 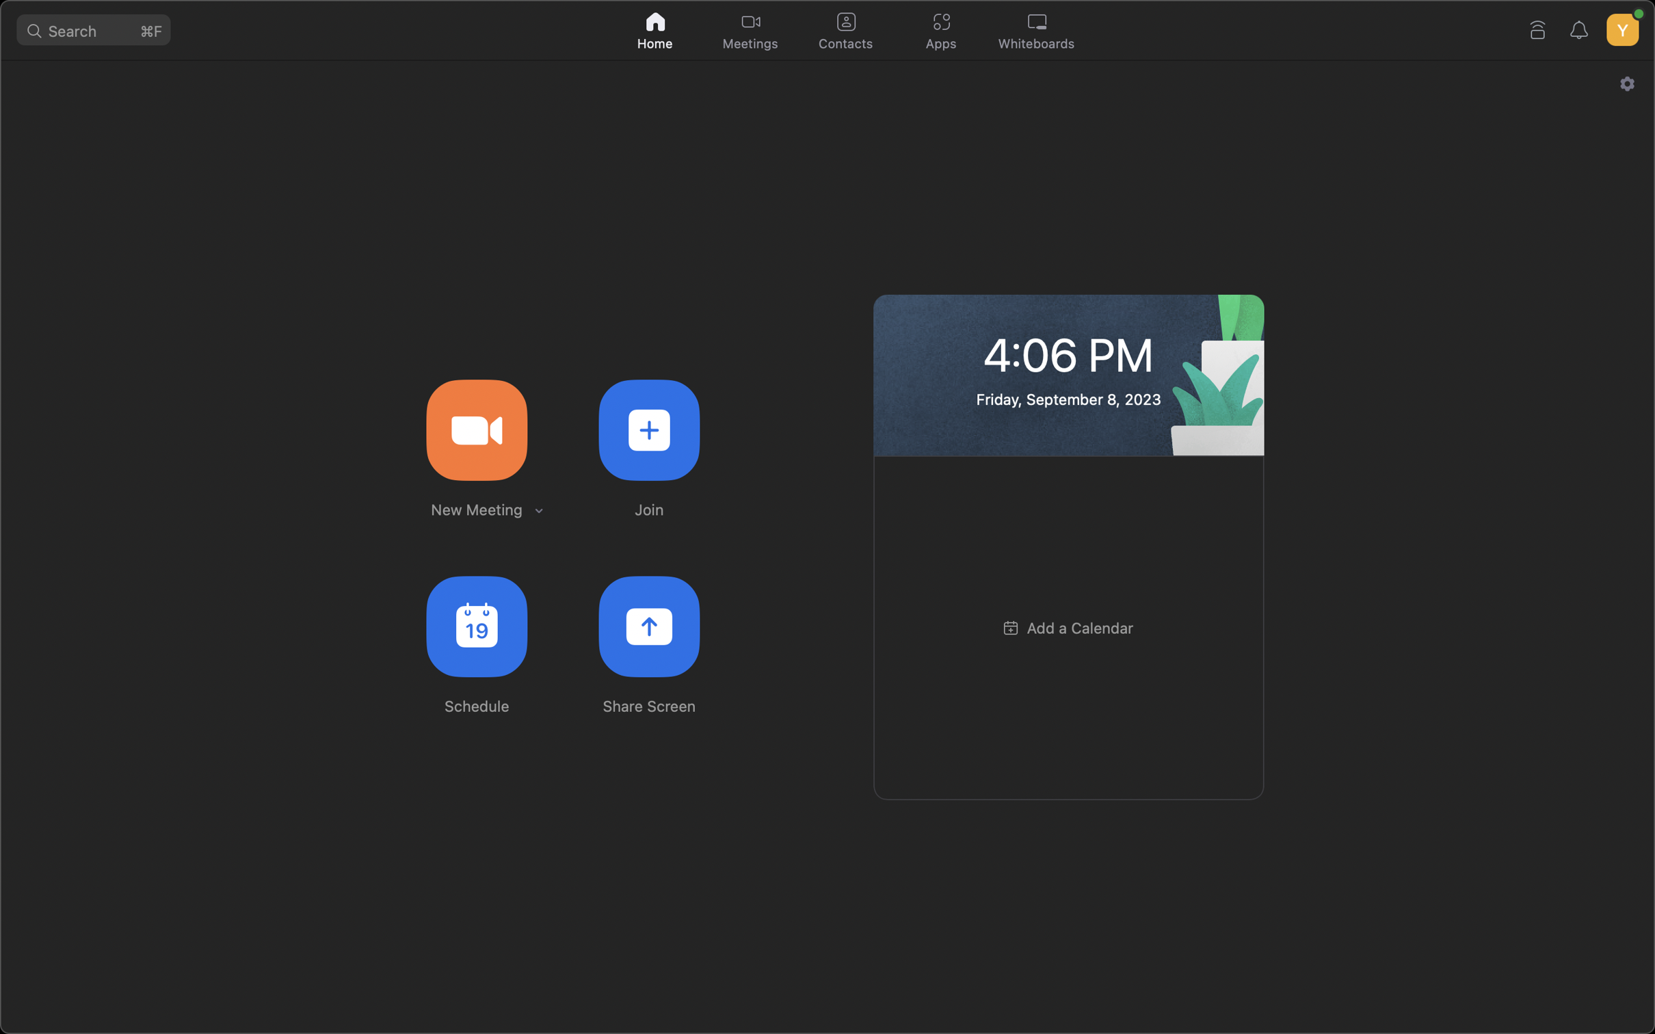 What do you see at coordinates (1538, 27) in the screenshot?
I see `Establish a pairing with a Zoom Room from your device` at bounding box center [1538, 27].